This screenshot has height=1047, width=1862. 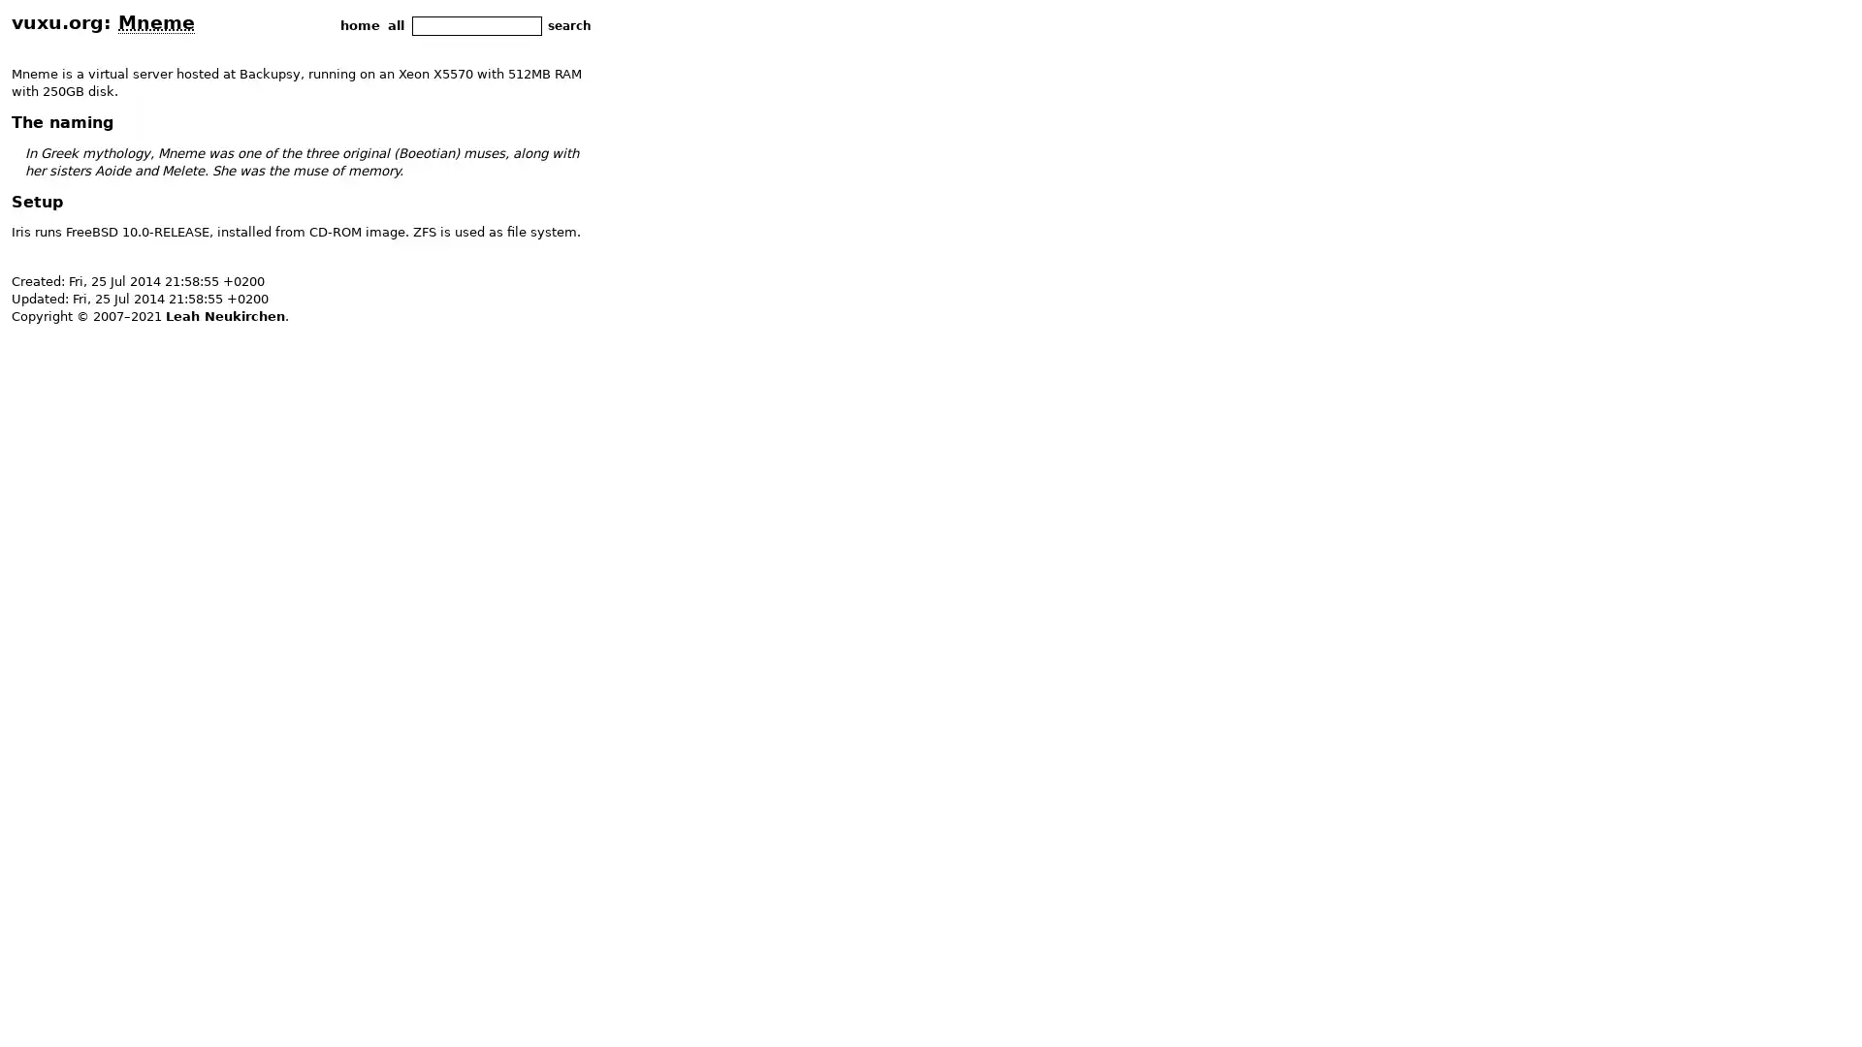 I want to click on search, so click(x=568, y=25).